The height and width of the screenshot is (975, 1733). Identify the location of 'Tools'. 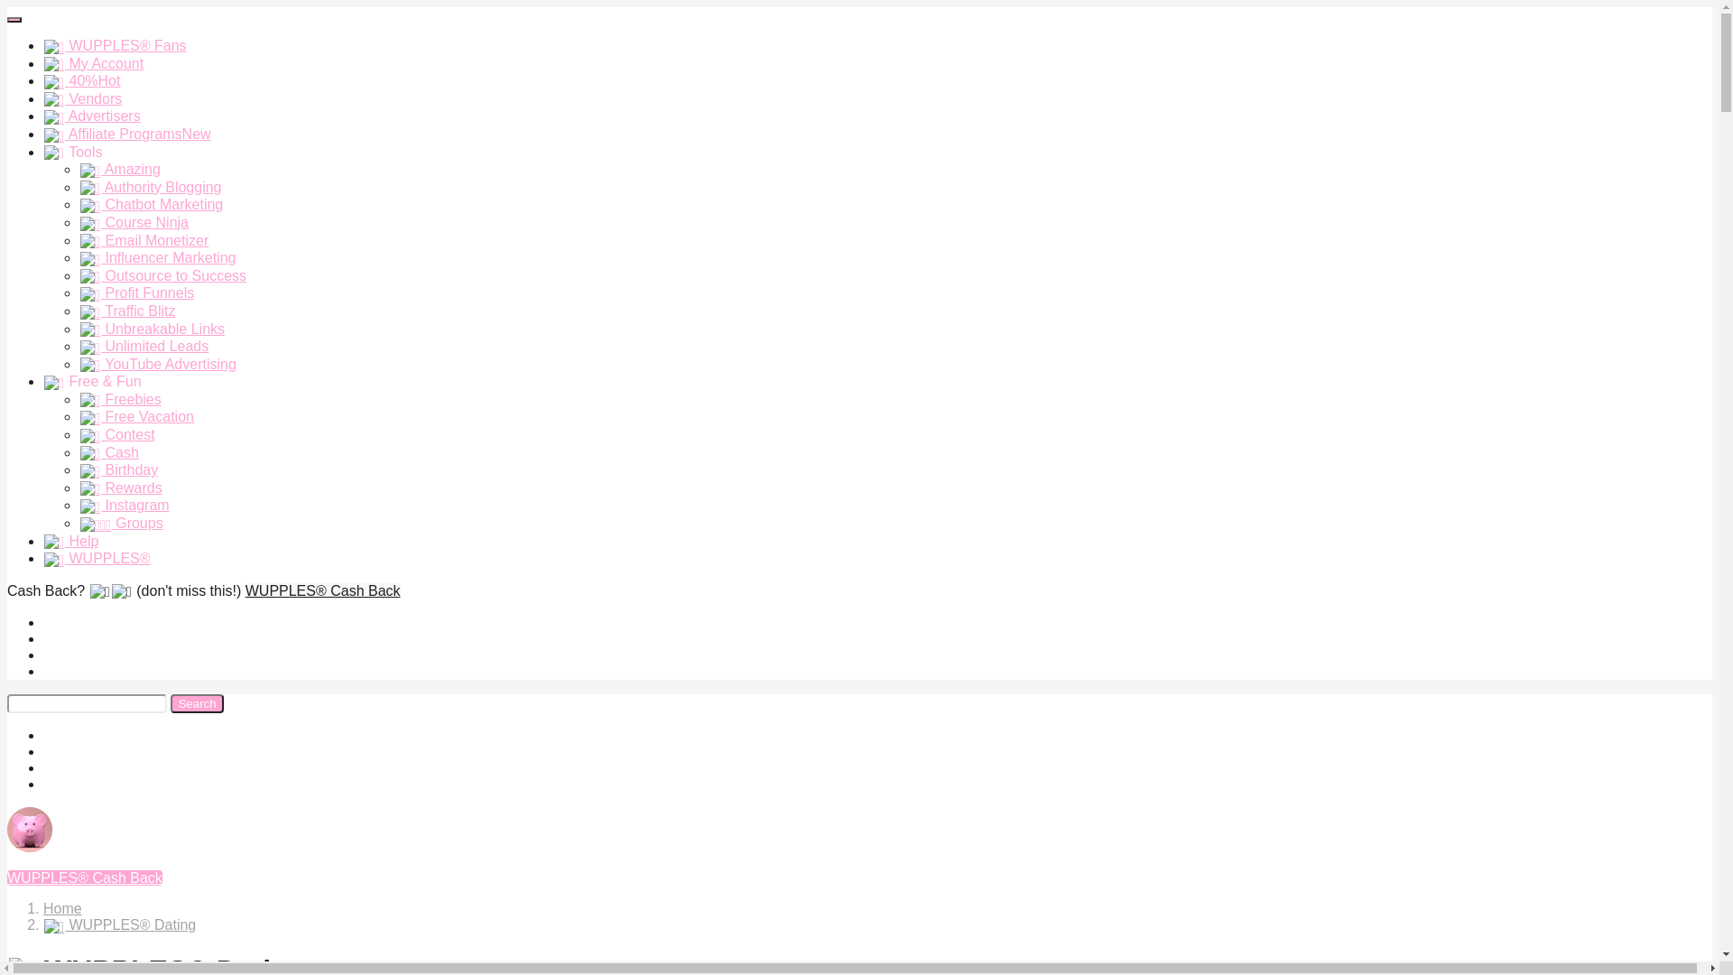
(72, 151).